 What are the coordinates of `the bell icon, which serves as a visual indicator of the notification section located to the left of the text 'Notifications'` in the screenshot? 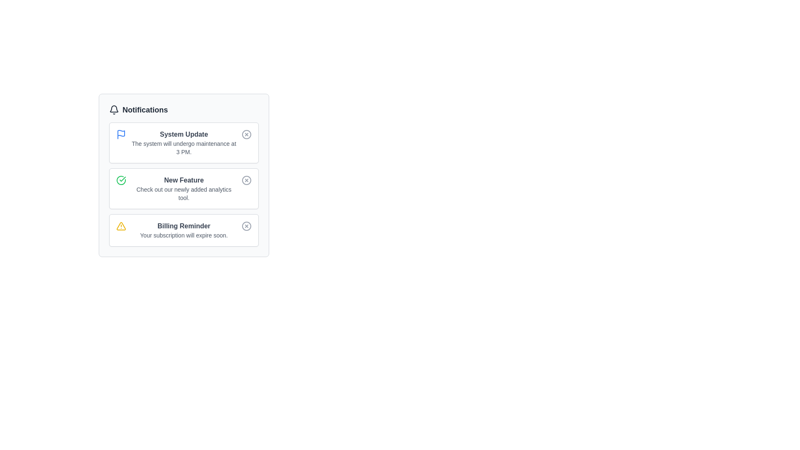 It's located at (113, 109).